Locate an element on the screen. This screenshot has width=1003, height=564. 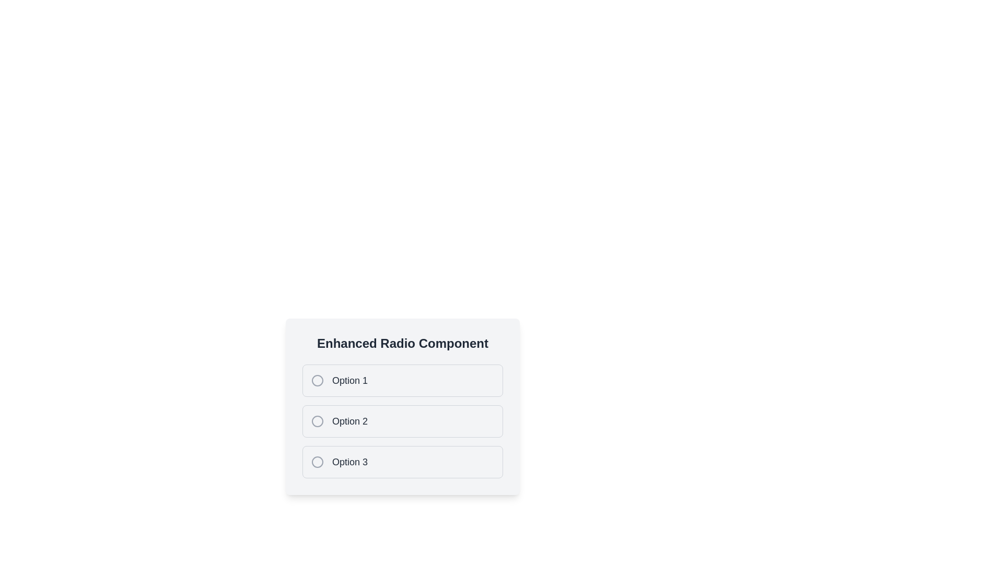
the radio button labeled 'Option 2' to choose this option from the group of radio buttons is located at coordinates (402, 406).